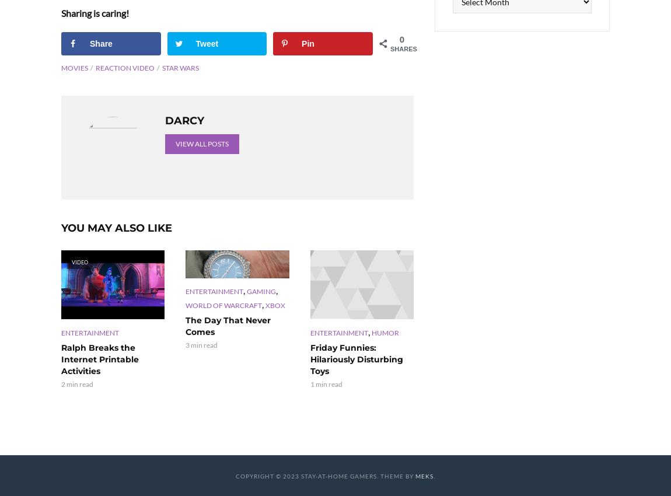 The width and height of the screenshot is (671, 496). Describe the element at coordinates (60, 67) in the screenshot. I see `'Movies'` at that location.